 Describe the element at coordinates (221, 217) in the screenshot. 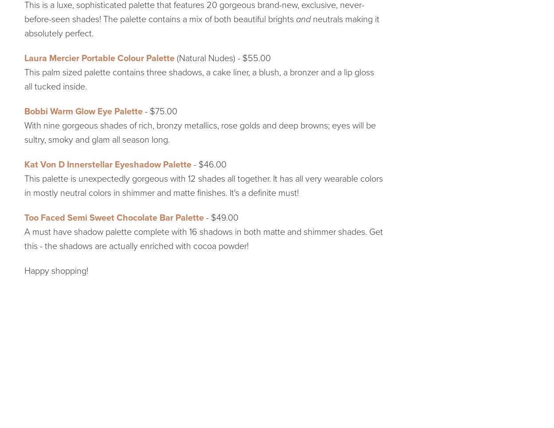

I see `'- $49.00'` at that location.